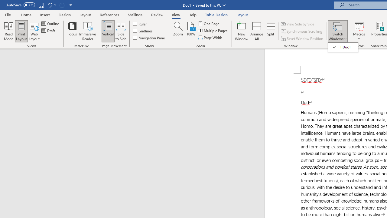 The image size is (387, 218). Describe the element at coordinates (41, 5) in the screenshot. I see `'Save'` at that location.